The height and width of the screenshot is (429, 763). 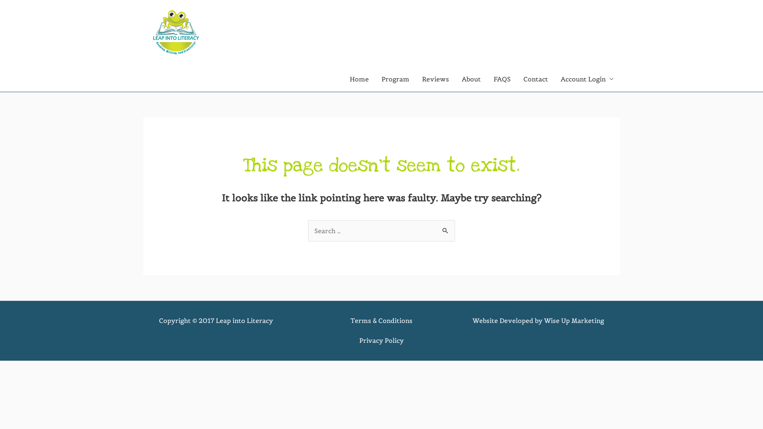 I want to click on 'Account Login', so click(x=587, y=79).